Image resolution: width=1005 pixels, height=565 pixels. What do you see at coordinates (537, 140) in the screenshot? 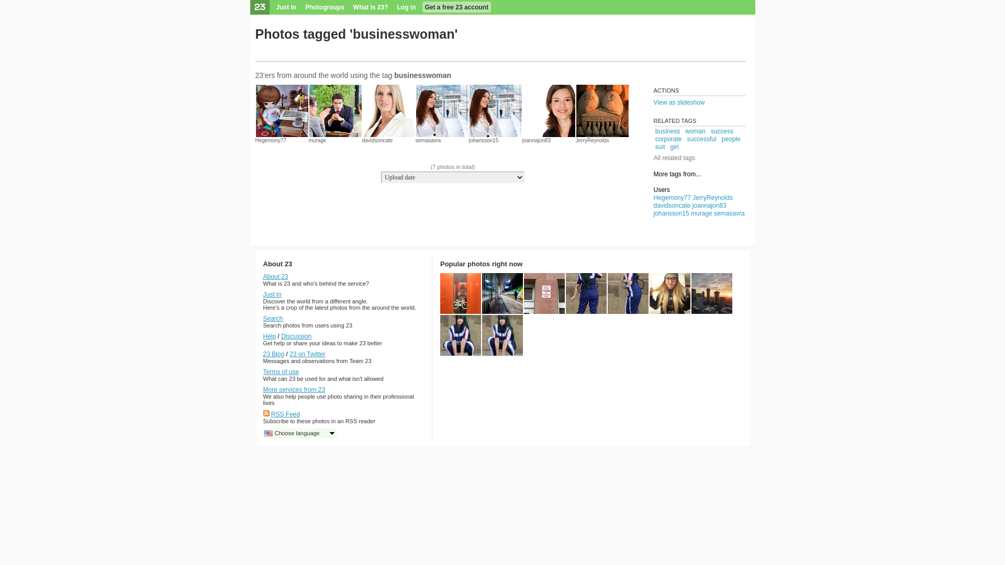
I see `'joannajon83'` at bounding box center [537, 140].